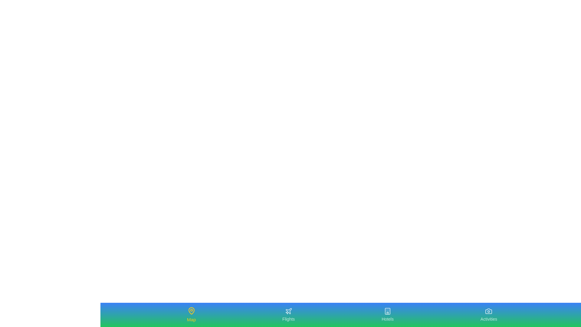 This screenshot has height=327, width=581. What do you see at coordinates (288, 315) in the screenshot?
I see `the Flights tab to view its content` at bounding box center [288, 315].